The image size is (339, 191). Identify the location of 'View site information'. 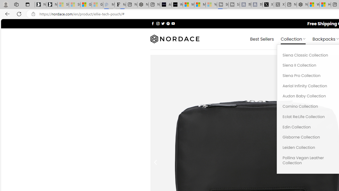
(33, 14).